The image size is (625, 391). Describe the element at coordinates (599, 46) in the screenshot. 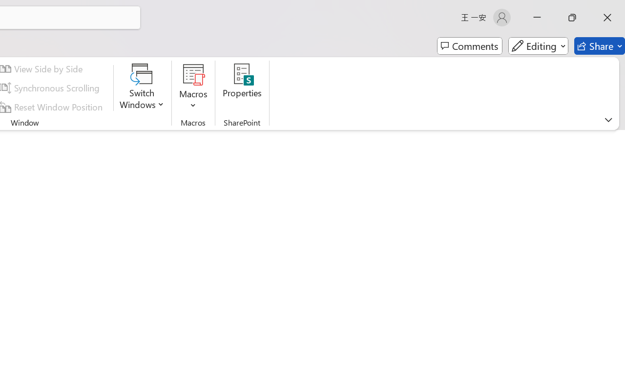

I see `'Share'` at that location.